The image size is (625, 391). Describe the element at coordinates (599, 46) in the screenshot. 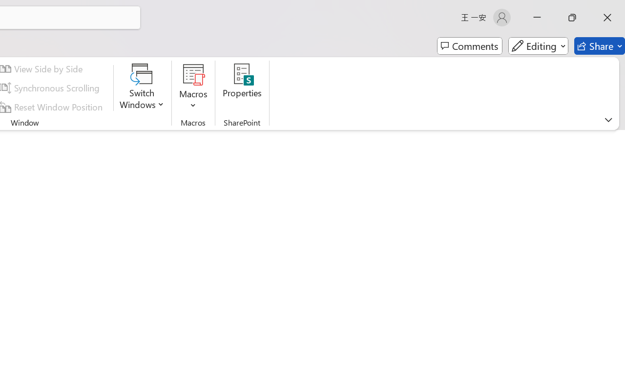

I see `'Share'` at that location.